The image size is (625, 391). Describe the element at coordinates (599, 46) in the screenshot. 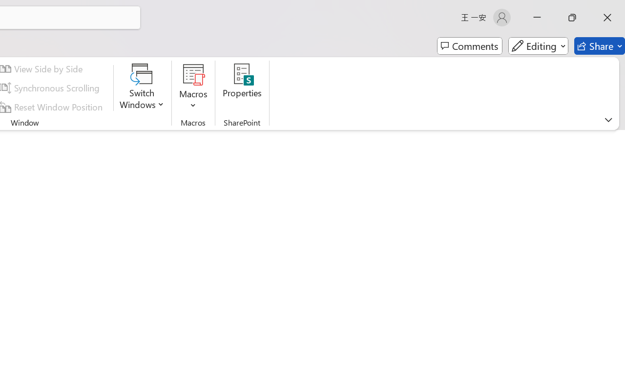

I see `'Share'` at that location.